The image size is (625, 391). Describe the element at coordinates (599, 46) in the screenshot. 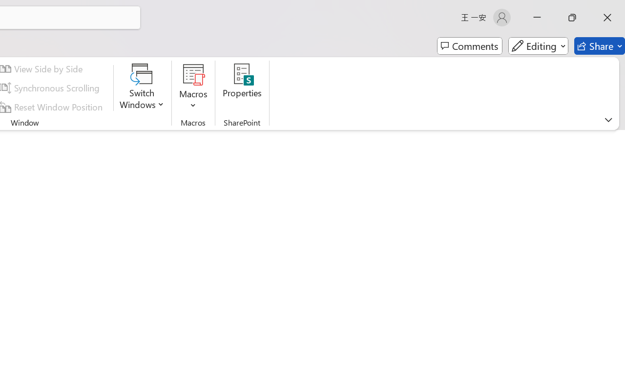

I see `'Share'` at that location.